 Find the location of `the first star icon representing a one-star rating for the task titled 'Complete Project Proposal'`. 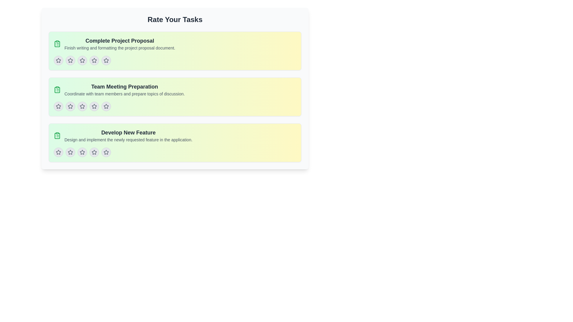

the first star icon representing a one-star rating for the task titled 'Complete Project Proposal' is located at coordinates (70, 61).